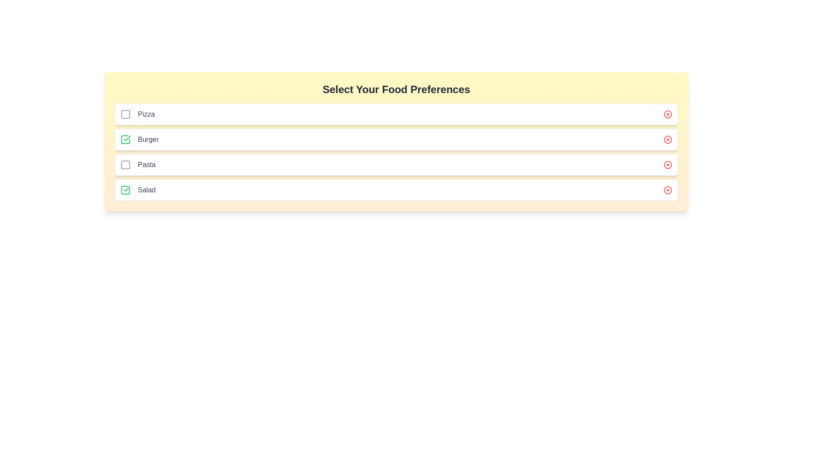 This screenshot has height=470, width=835. What do you see at coordinates (140, 139) in the screenshot?
I see `the 'Burger' text label that displays in medium gray font and is aligned to the right of a green checkmark icon, indicating a selected state` at bounding box center [140, 139].